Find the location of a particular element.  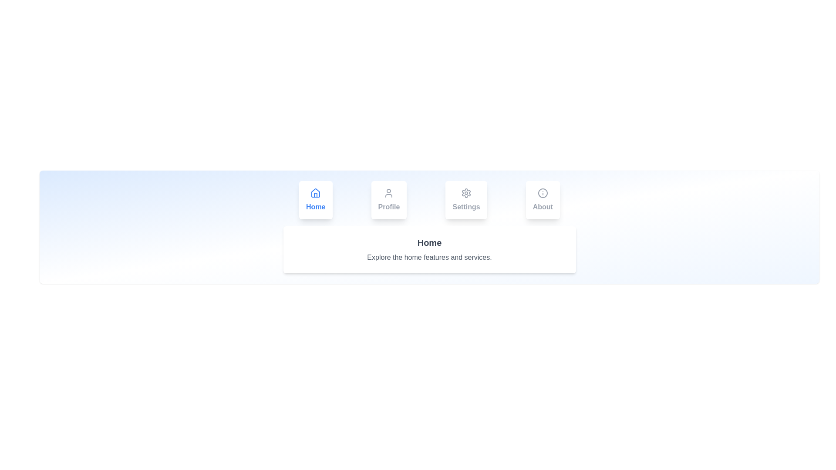

the Profile tab to switch content is located at coordinates (388, 200).